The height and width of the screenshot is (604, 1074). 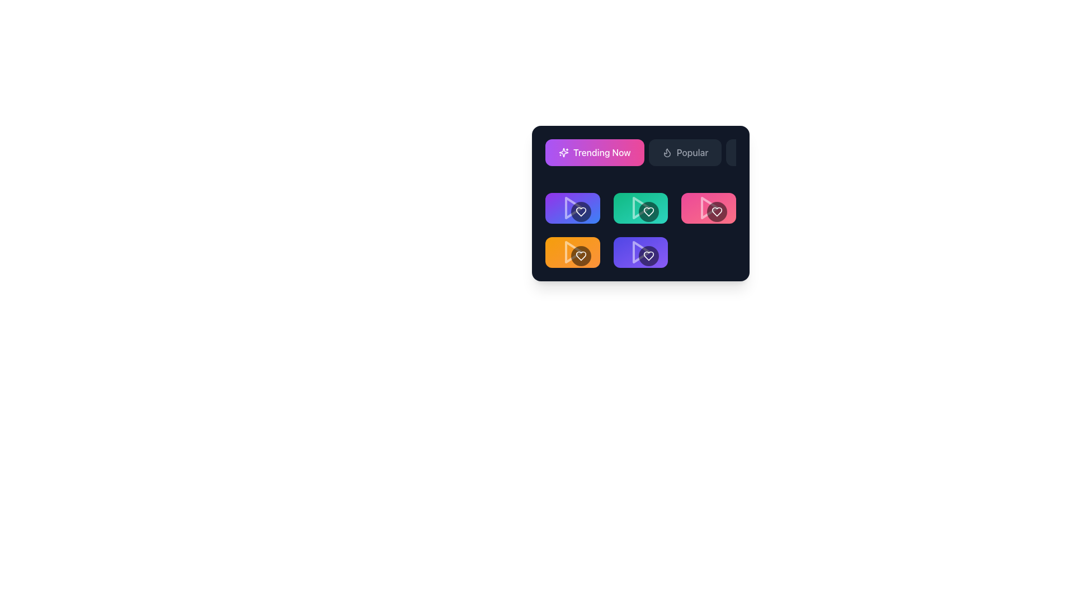 What do you see at coordinates (738, 203) in the screenshot?
I see `the bookmark icon with a plus symbol located within the pink rectangular button on the right of the second row of buttons` at bounding box center [738, 203].